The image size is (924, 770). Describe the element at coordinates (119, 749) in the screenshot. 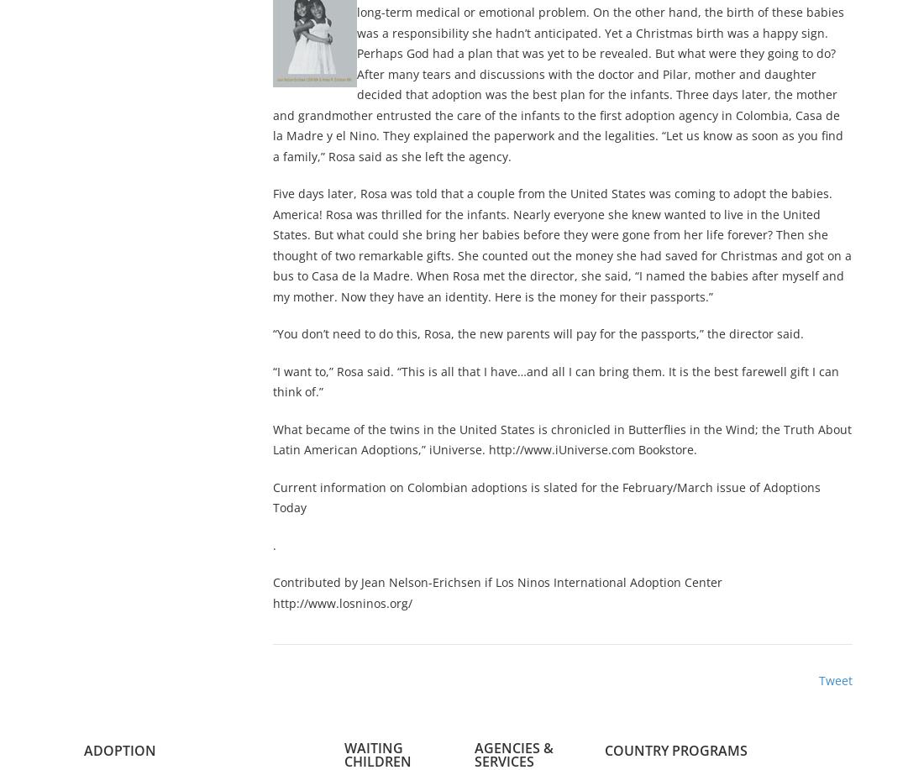

I see `'Adoption'` at that location.